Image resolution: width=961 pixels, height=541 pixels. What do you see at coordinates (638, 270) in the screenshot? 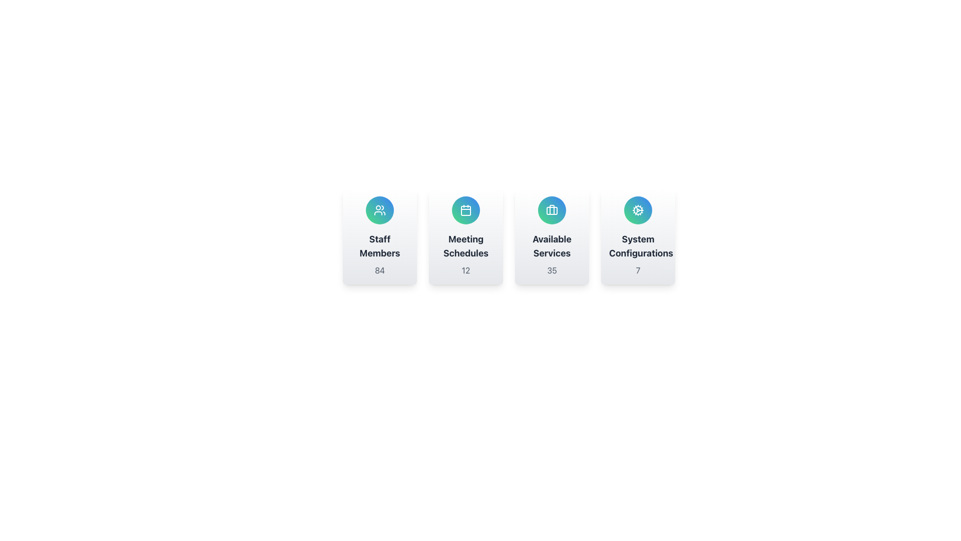
I see `the numerical character '7' displayed in gray font at the bottom of the 'System Configurations' card` at bounding box center [638, 270].